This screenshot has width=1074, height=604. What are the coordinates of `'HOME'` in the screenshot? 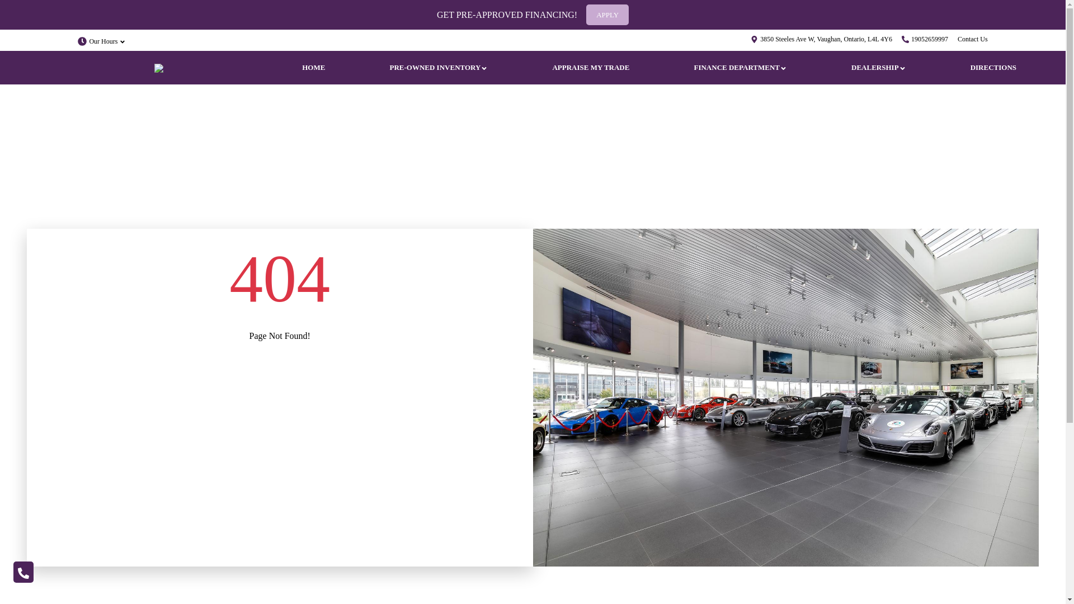 It's located at (313, 67).